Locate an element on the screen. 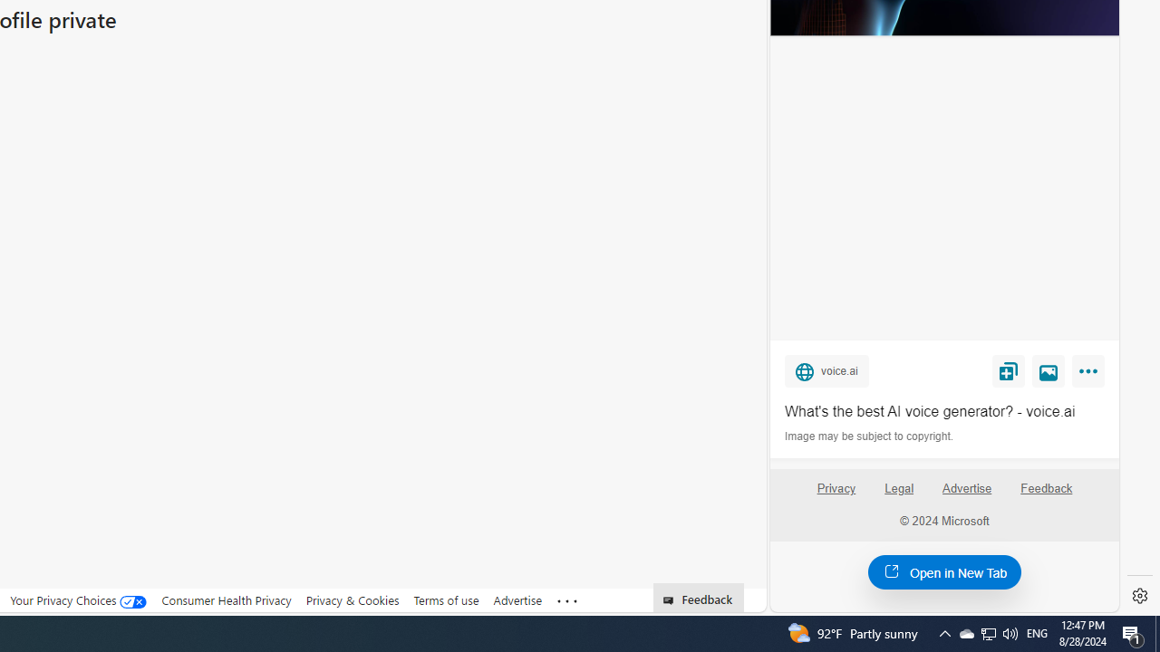  'Consumer Health Privacy' is located at coordinates (226, 599).